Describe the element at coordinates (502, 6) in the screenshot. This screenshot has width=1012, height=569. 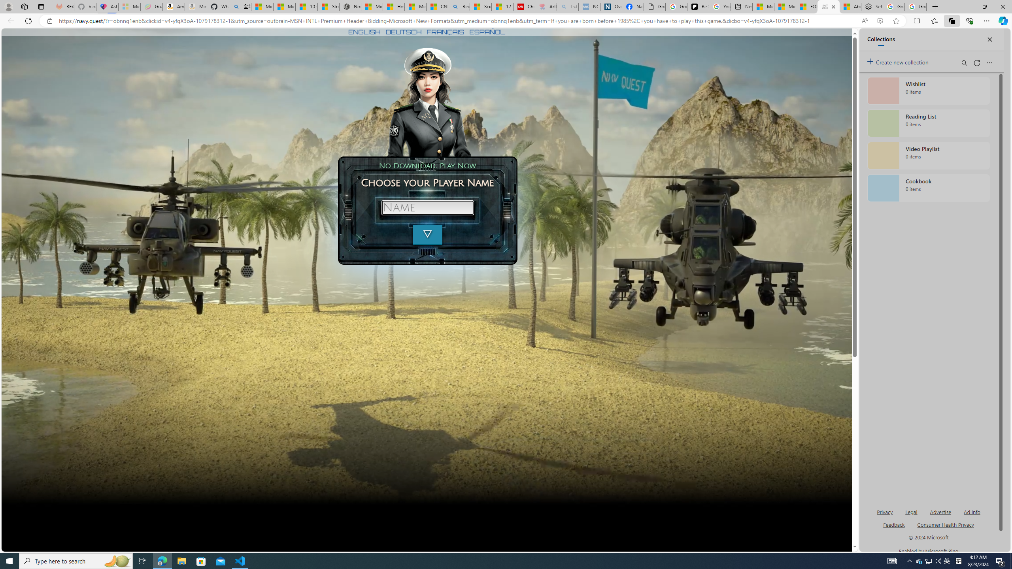
I see `'12 Popular Science Lies that Must be Corrected'` at that location.